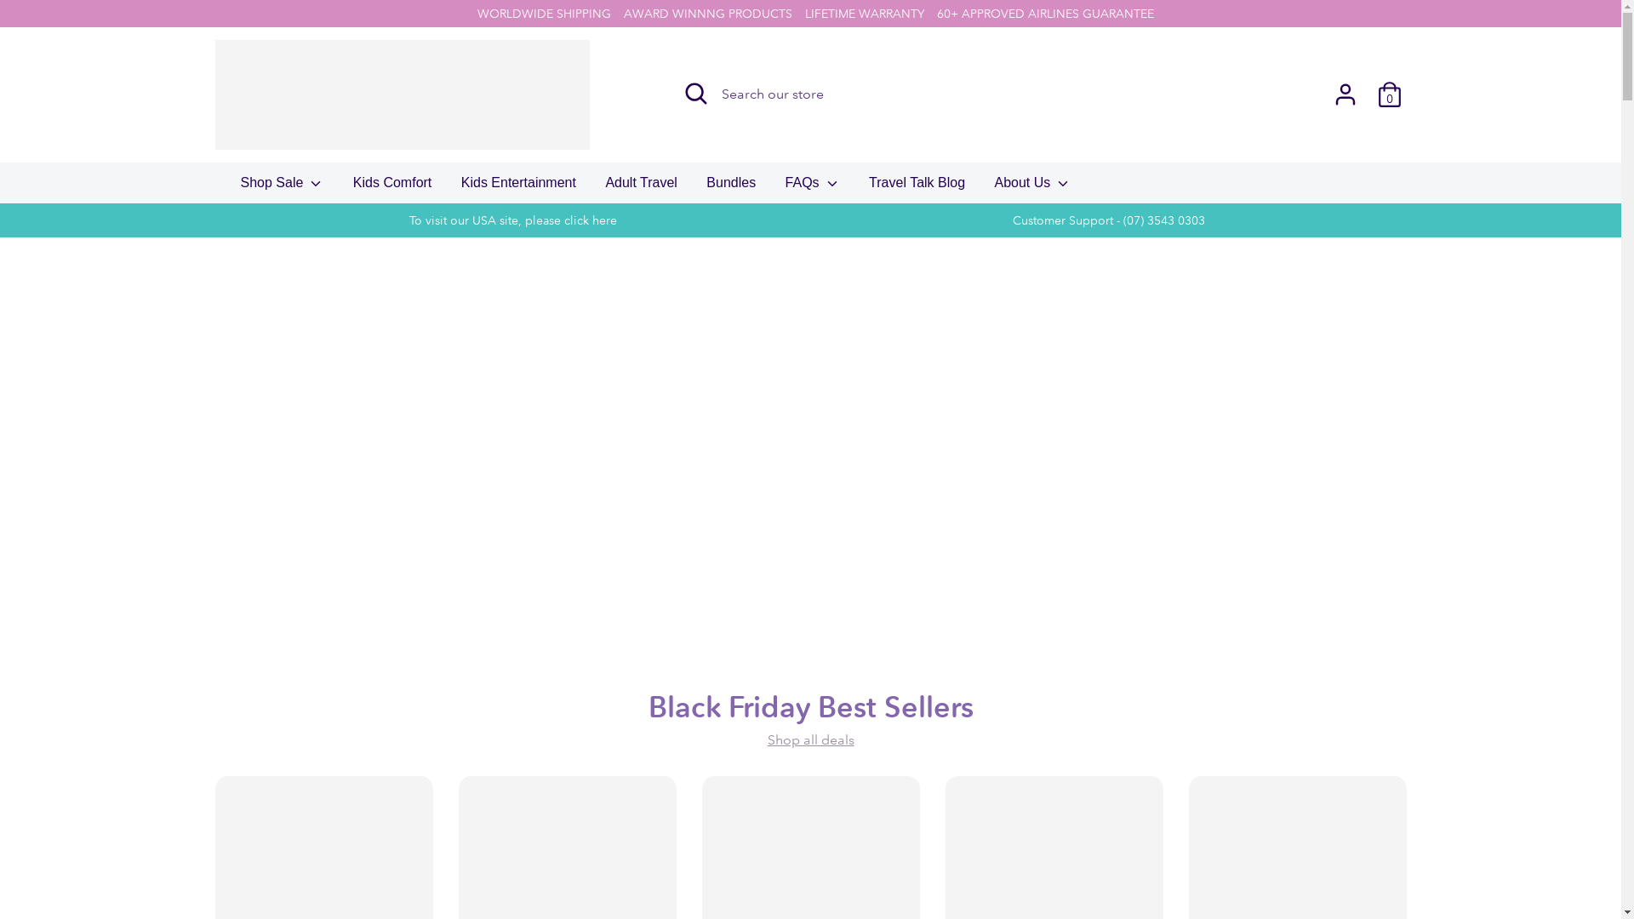 The image size is (1634, 919). I want to click on '0', so click(1389, 94).